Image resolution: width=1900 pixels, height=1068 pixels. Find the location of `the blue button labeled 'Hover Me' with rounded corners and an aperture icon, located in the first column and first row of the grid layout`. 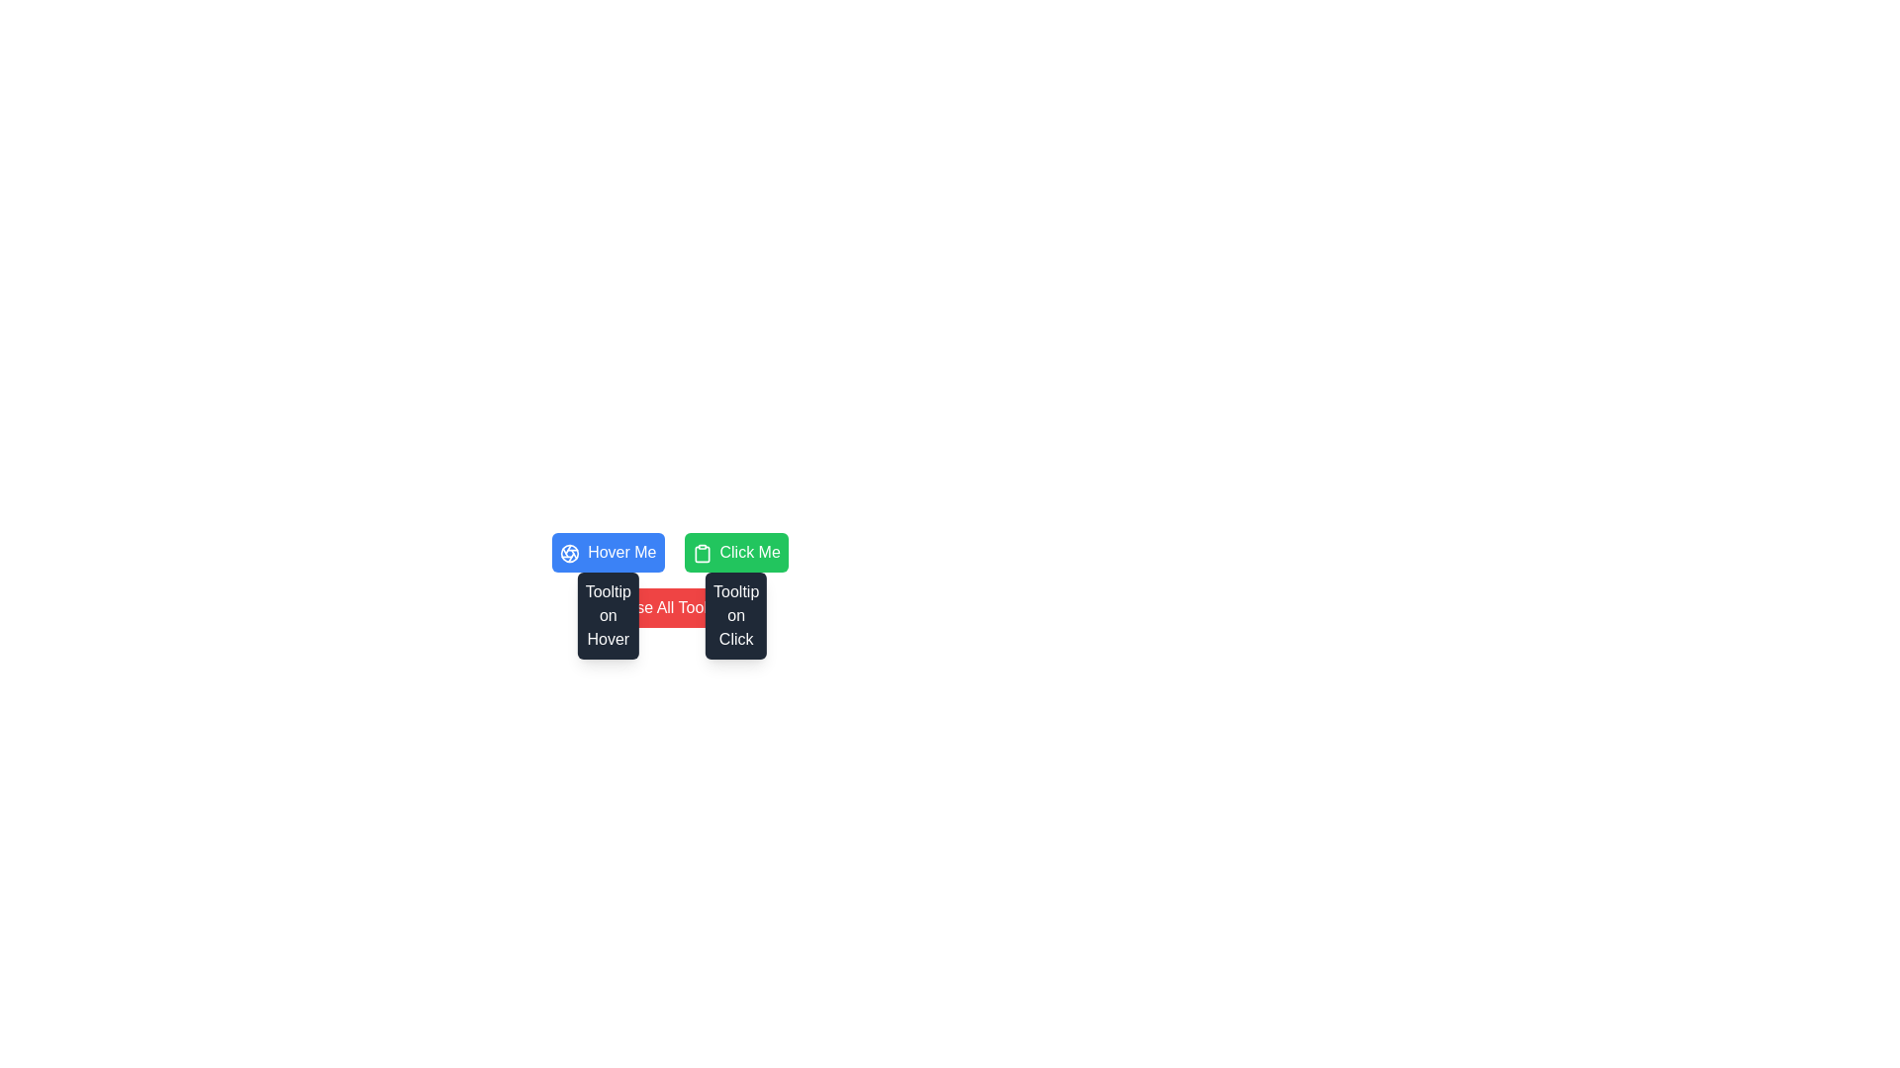

the blue button labeled 'Hover Me' with rounded corners and an aperture icon, located in the first column and first row of the grid layout is located at coordinates (607, 553).